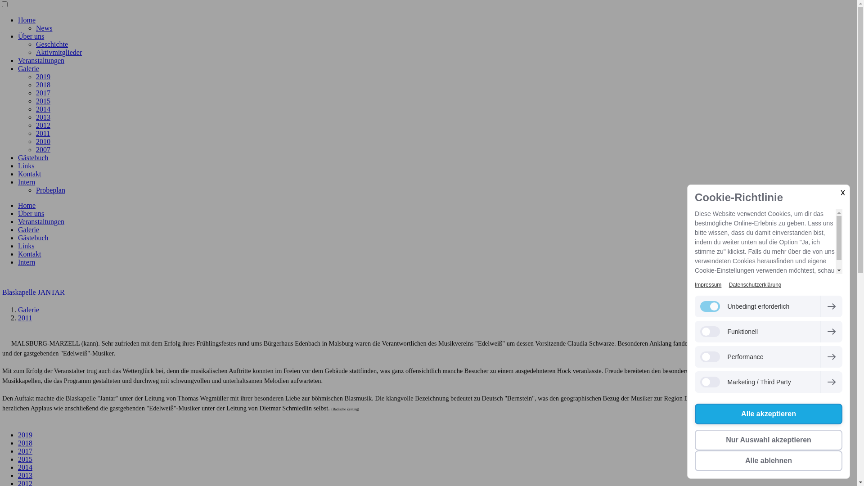  What do you see at coordinates (18, 60) in the screenshot?
I see `'Veranstaltungen'` at bounding box center [18, 60].